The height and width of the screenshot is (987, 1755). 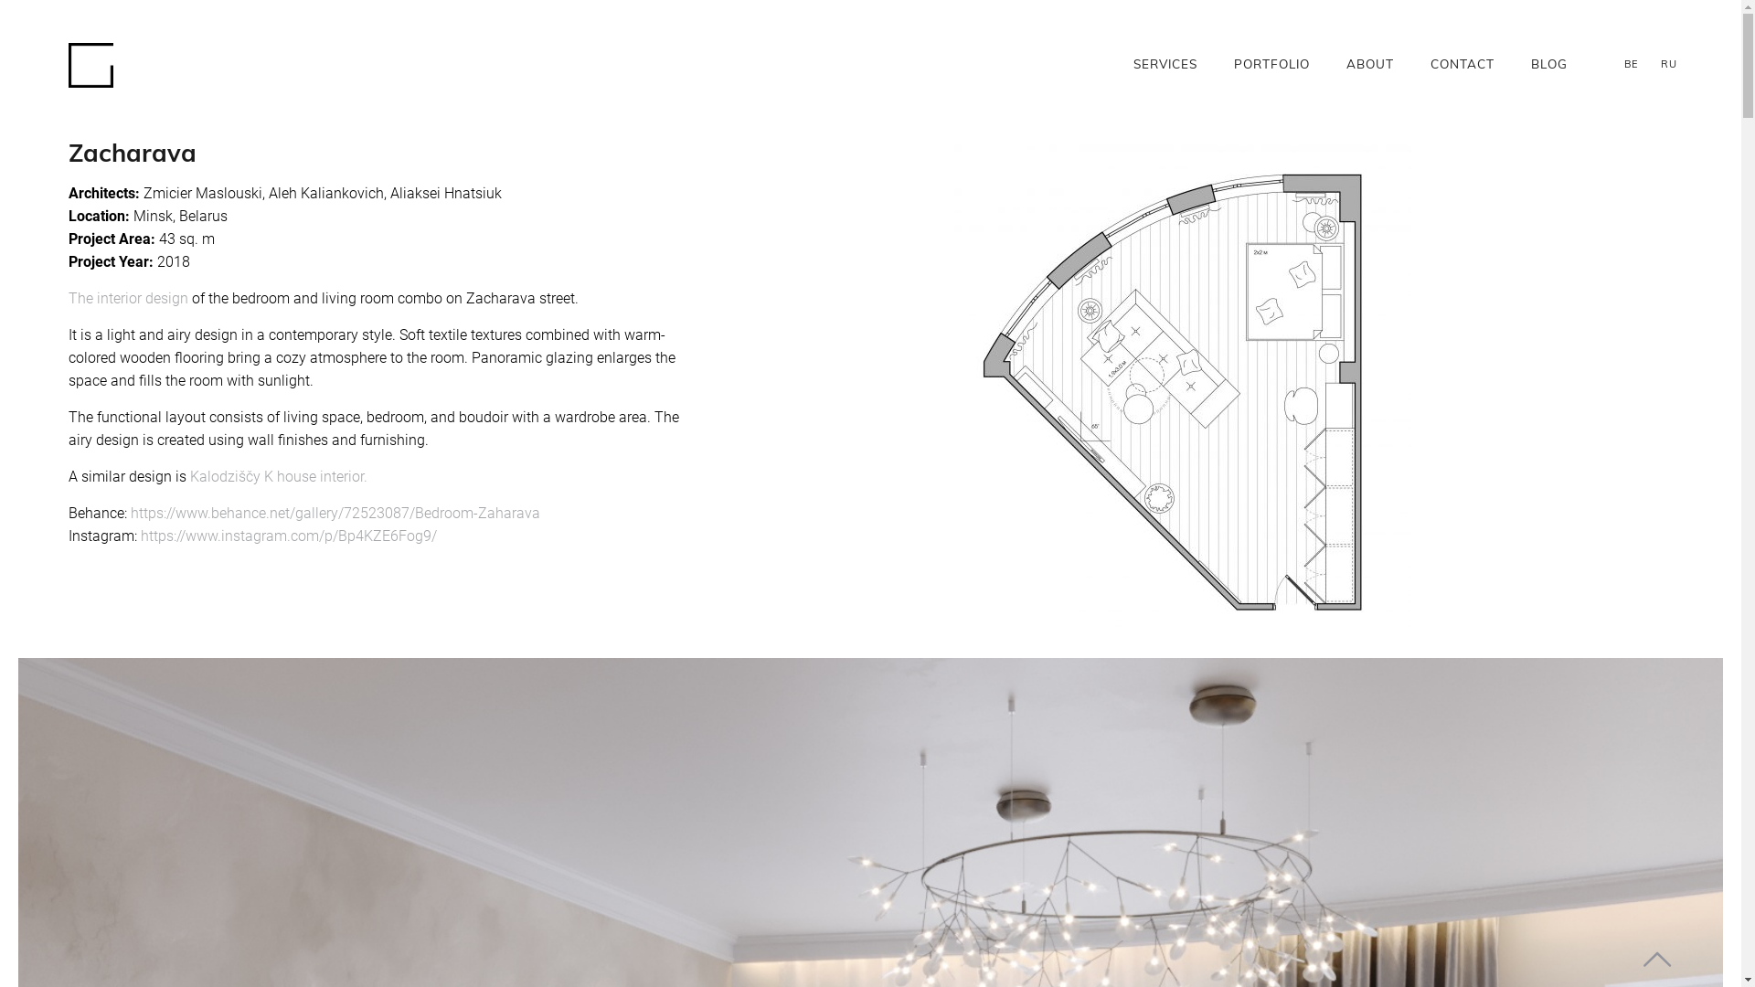 I want to click on 'SERVICES', so click(x=1165, y=62).